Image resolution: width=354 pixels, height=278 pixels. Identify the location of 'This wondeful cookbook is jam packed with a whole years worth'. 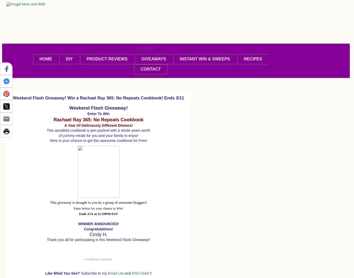
(98, 130).